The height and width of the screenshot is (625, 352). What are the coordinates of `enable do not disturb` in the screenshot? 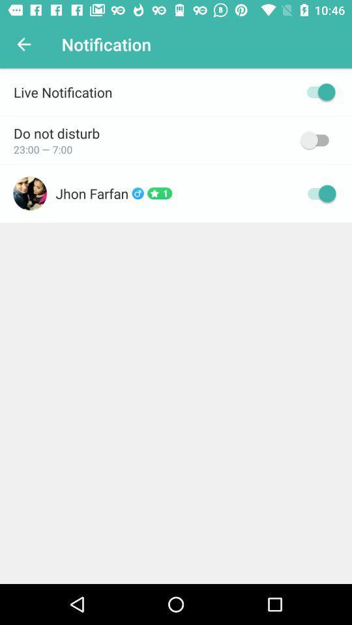 It's located at (317, 140).